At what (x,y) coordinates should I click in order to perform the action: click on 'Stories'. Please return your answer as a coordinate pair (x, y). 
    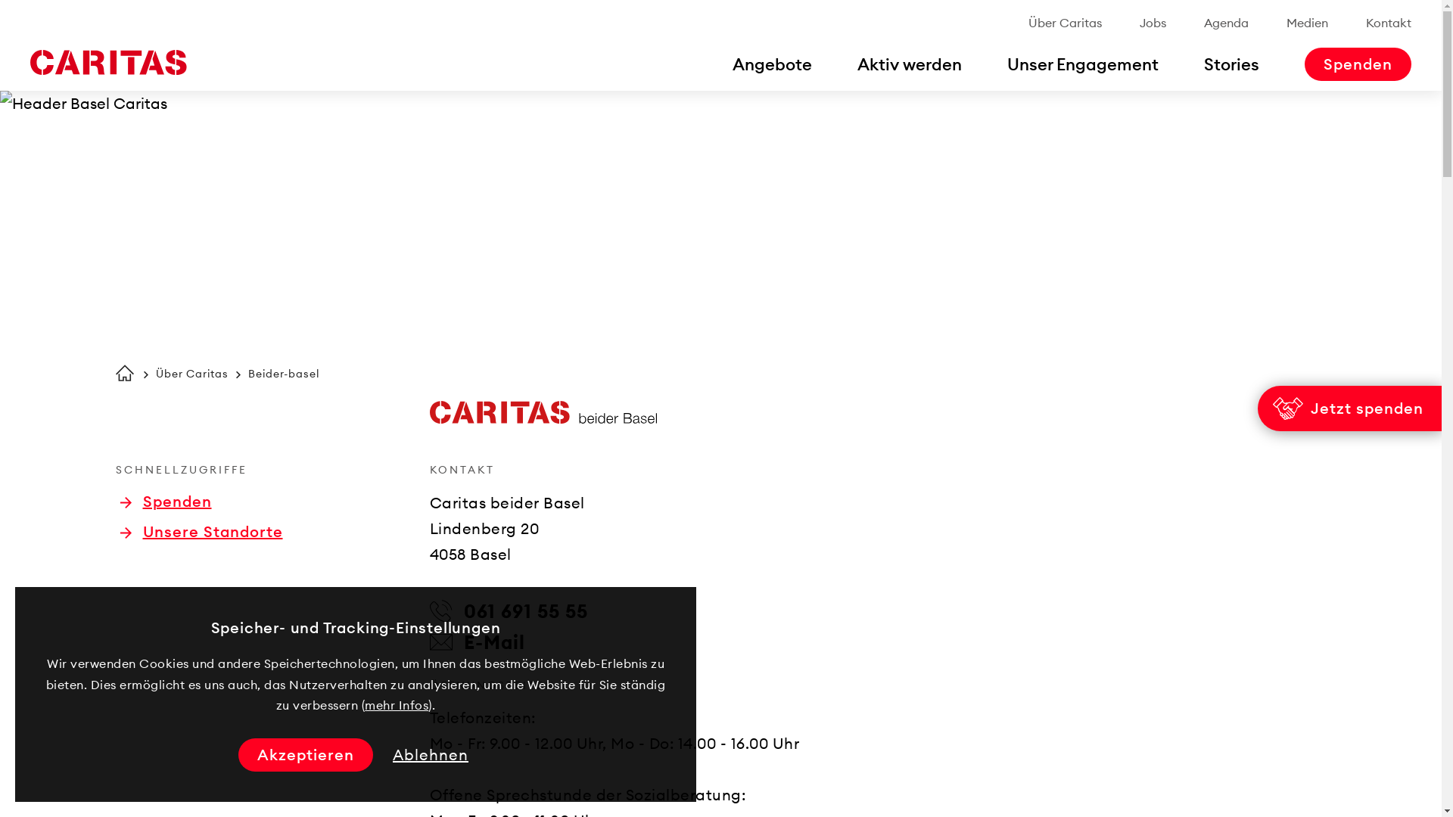
    Looking at the image, I should click on (1231, 63).